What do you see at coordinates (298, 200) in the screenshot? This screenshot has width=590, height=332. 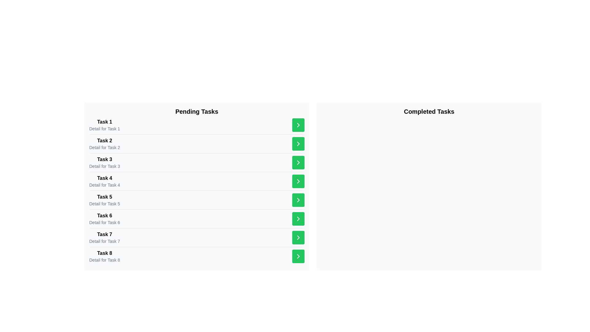 I see `the green button containing the chevron icon associated with the 'Task 5' entry in the 'Pending Tasks' list` at bounding box center [298, 200].